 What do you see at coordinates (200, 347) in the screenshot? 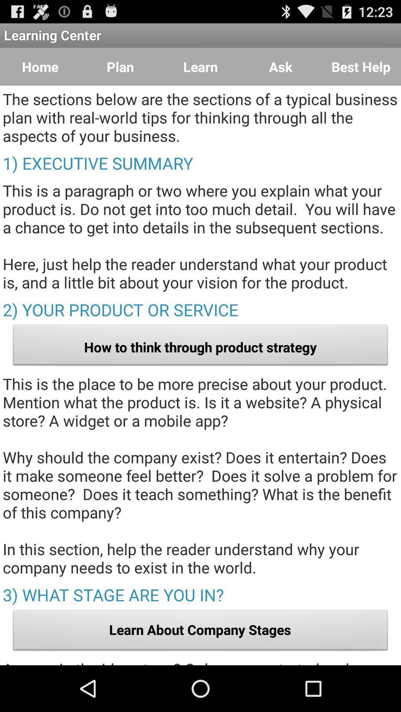
I see `the button which is below the your product or service` at bounding box center [200, 347].